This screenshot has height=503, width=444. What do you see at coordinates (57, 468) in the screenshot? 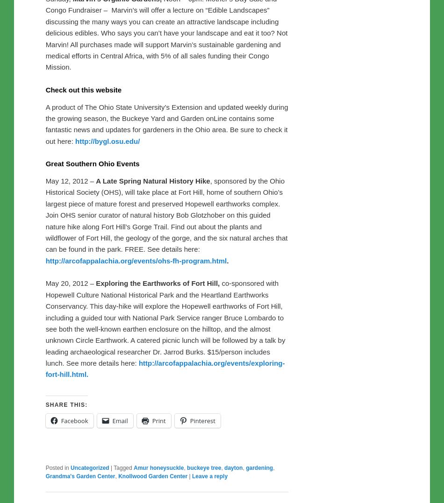
I see `'Posted in'` at bounding box center [57, 468].